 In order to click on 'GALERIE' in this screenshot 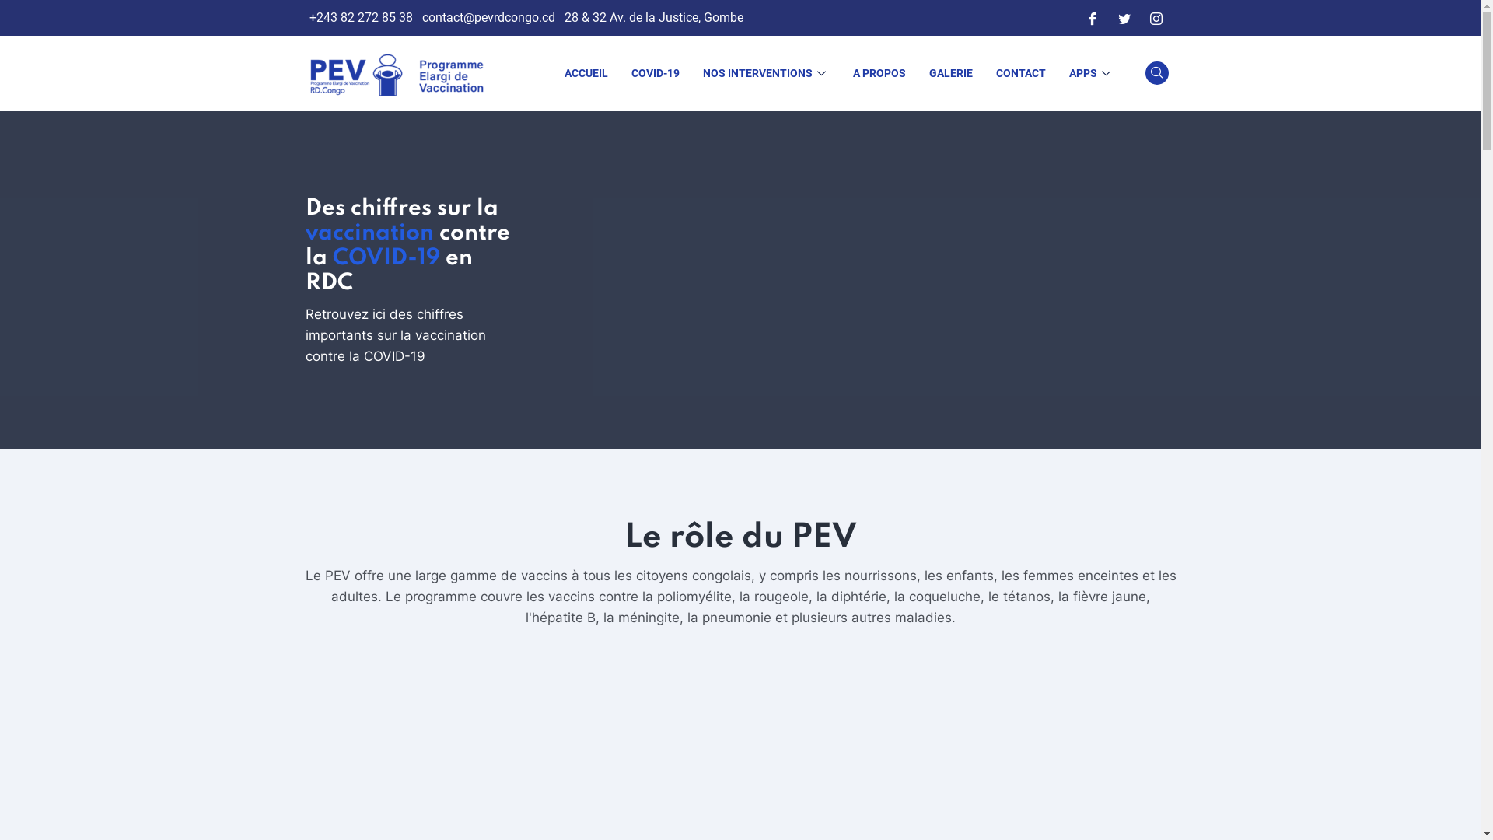, I will do `click(950, 72)`.